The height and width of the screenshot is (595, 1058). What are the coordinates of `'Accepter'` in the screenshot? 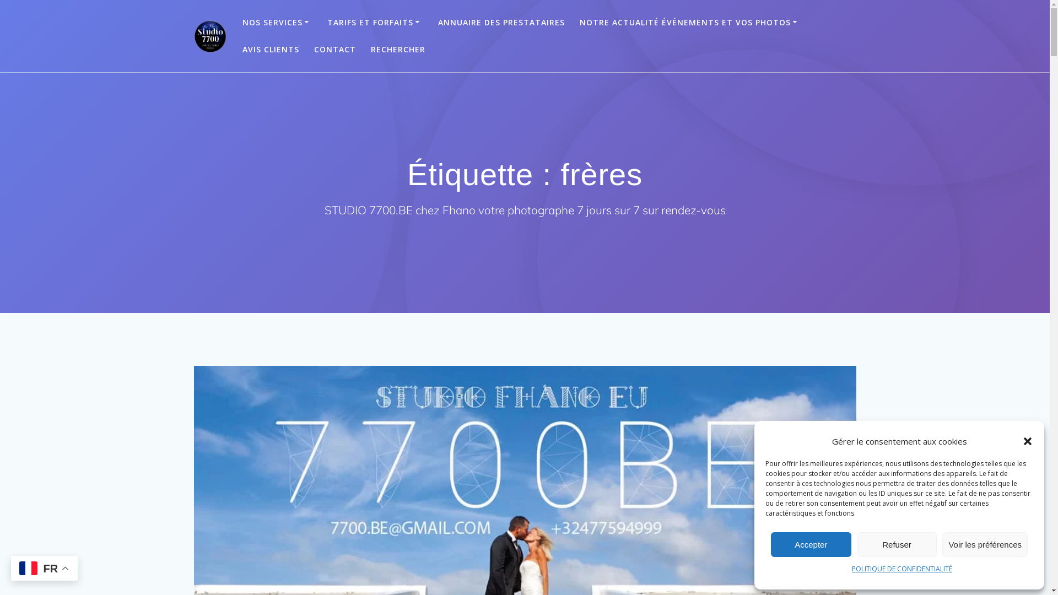 It's located at (811, 544).